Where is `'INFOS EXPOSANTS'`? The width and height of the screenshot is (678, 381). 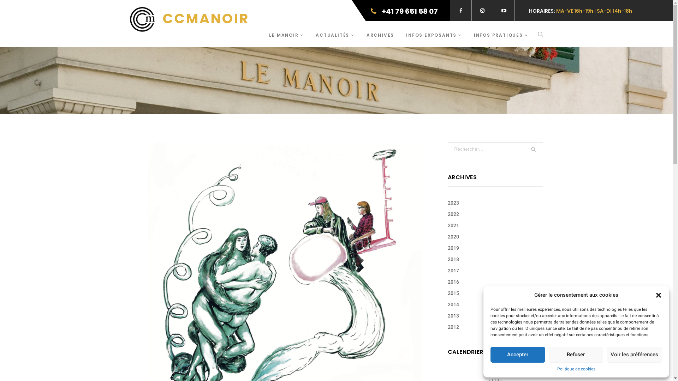 'INFOS EXPOSANTS' is located at coordinates (433, 34).